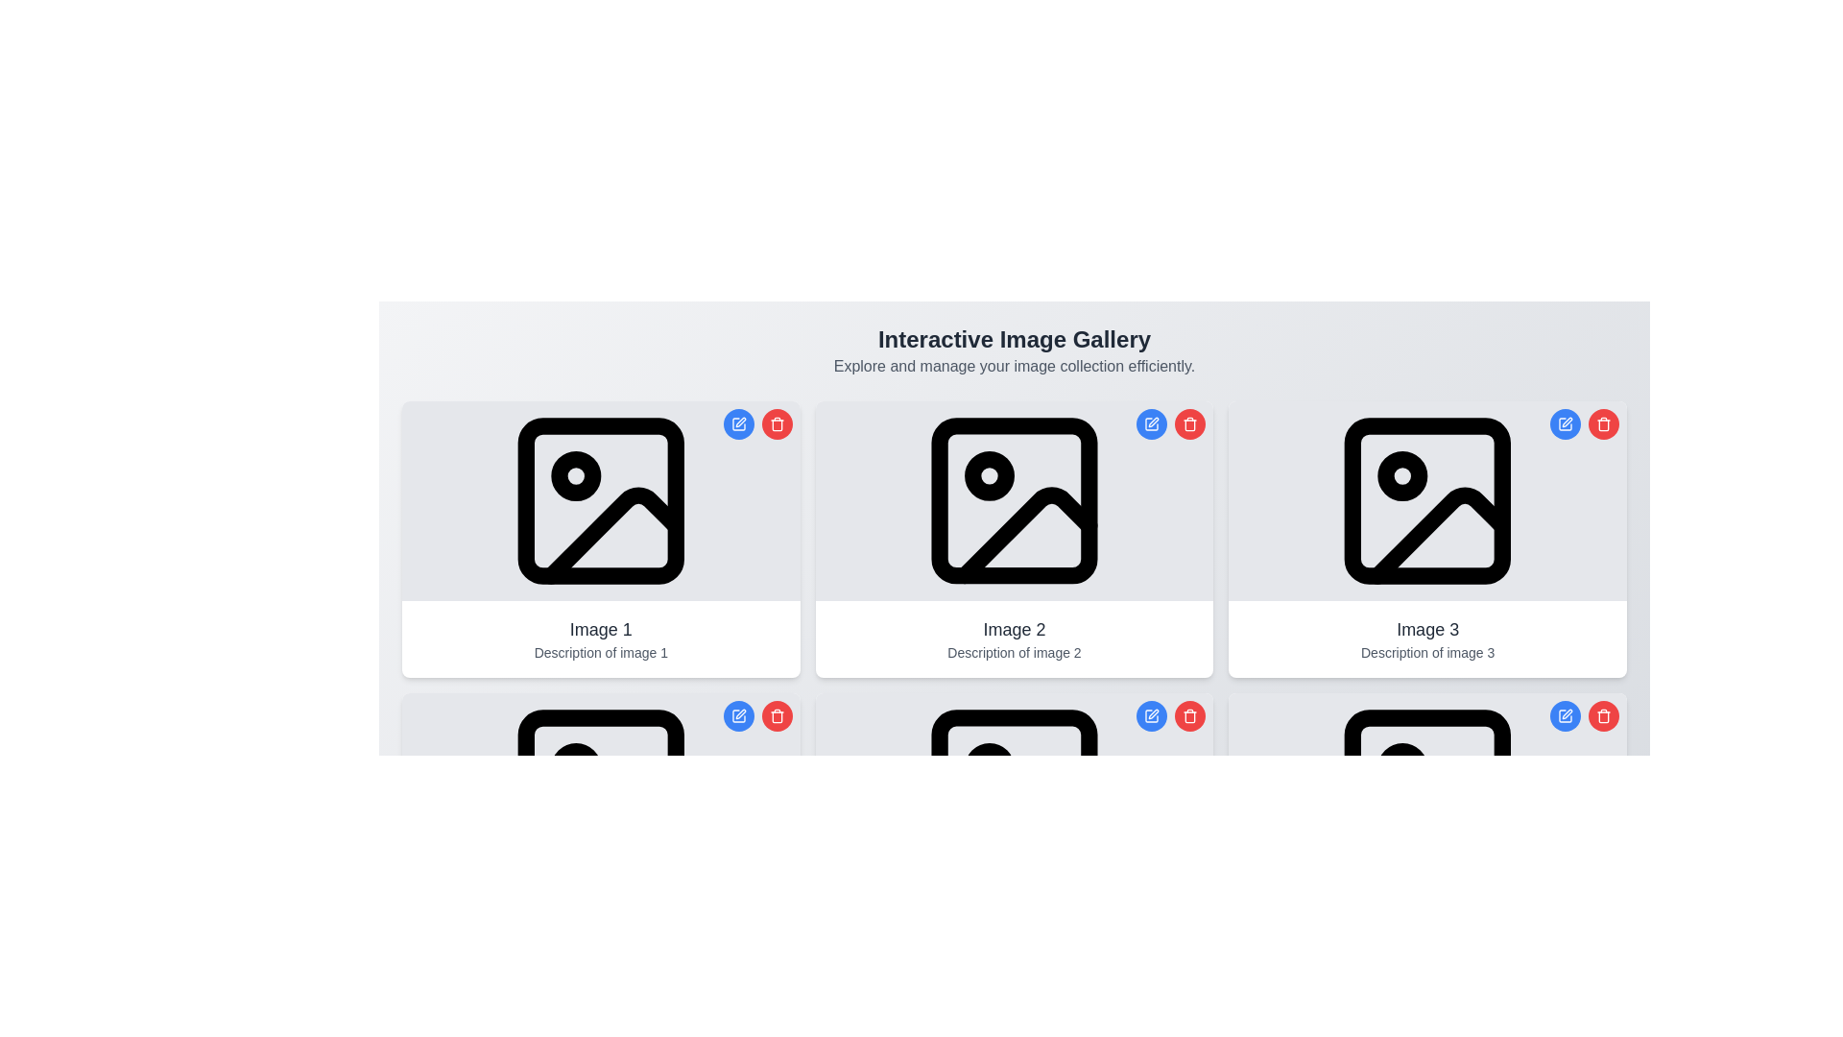  I want to click on the edit button located in the top-right corner of the 'Image 3' card in the interactive image gallery, so click(1566, 715).